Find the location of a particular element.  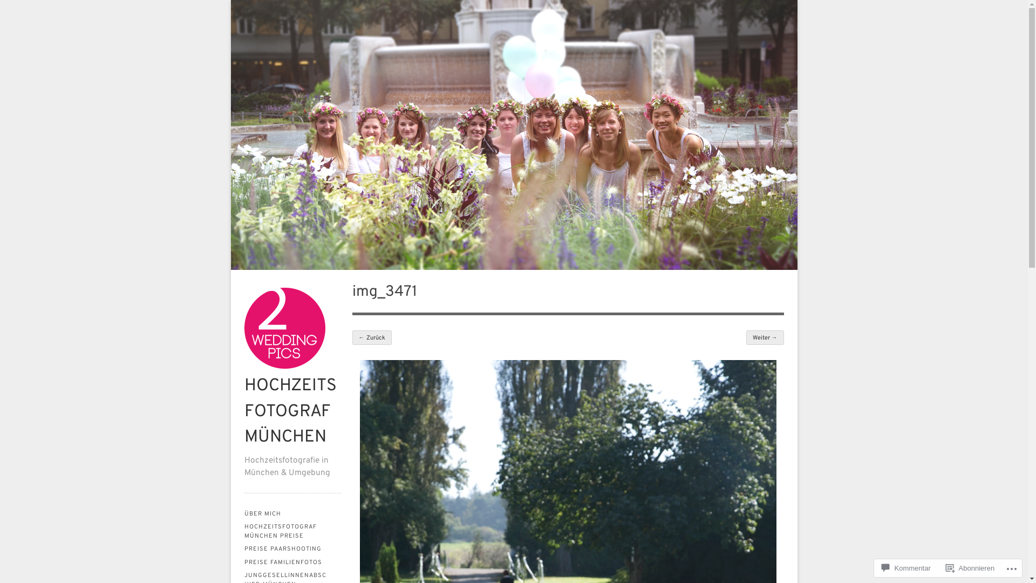

'Abonnieren' is located at coordinates (970, 567).